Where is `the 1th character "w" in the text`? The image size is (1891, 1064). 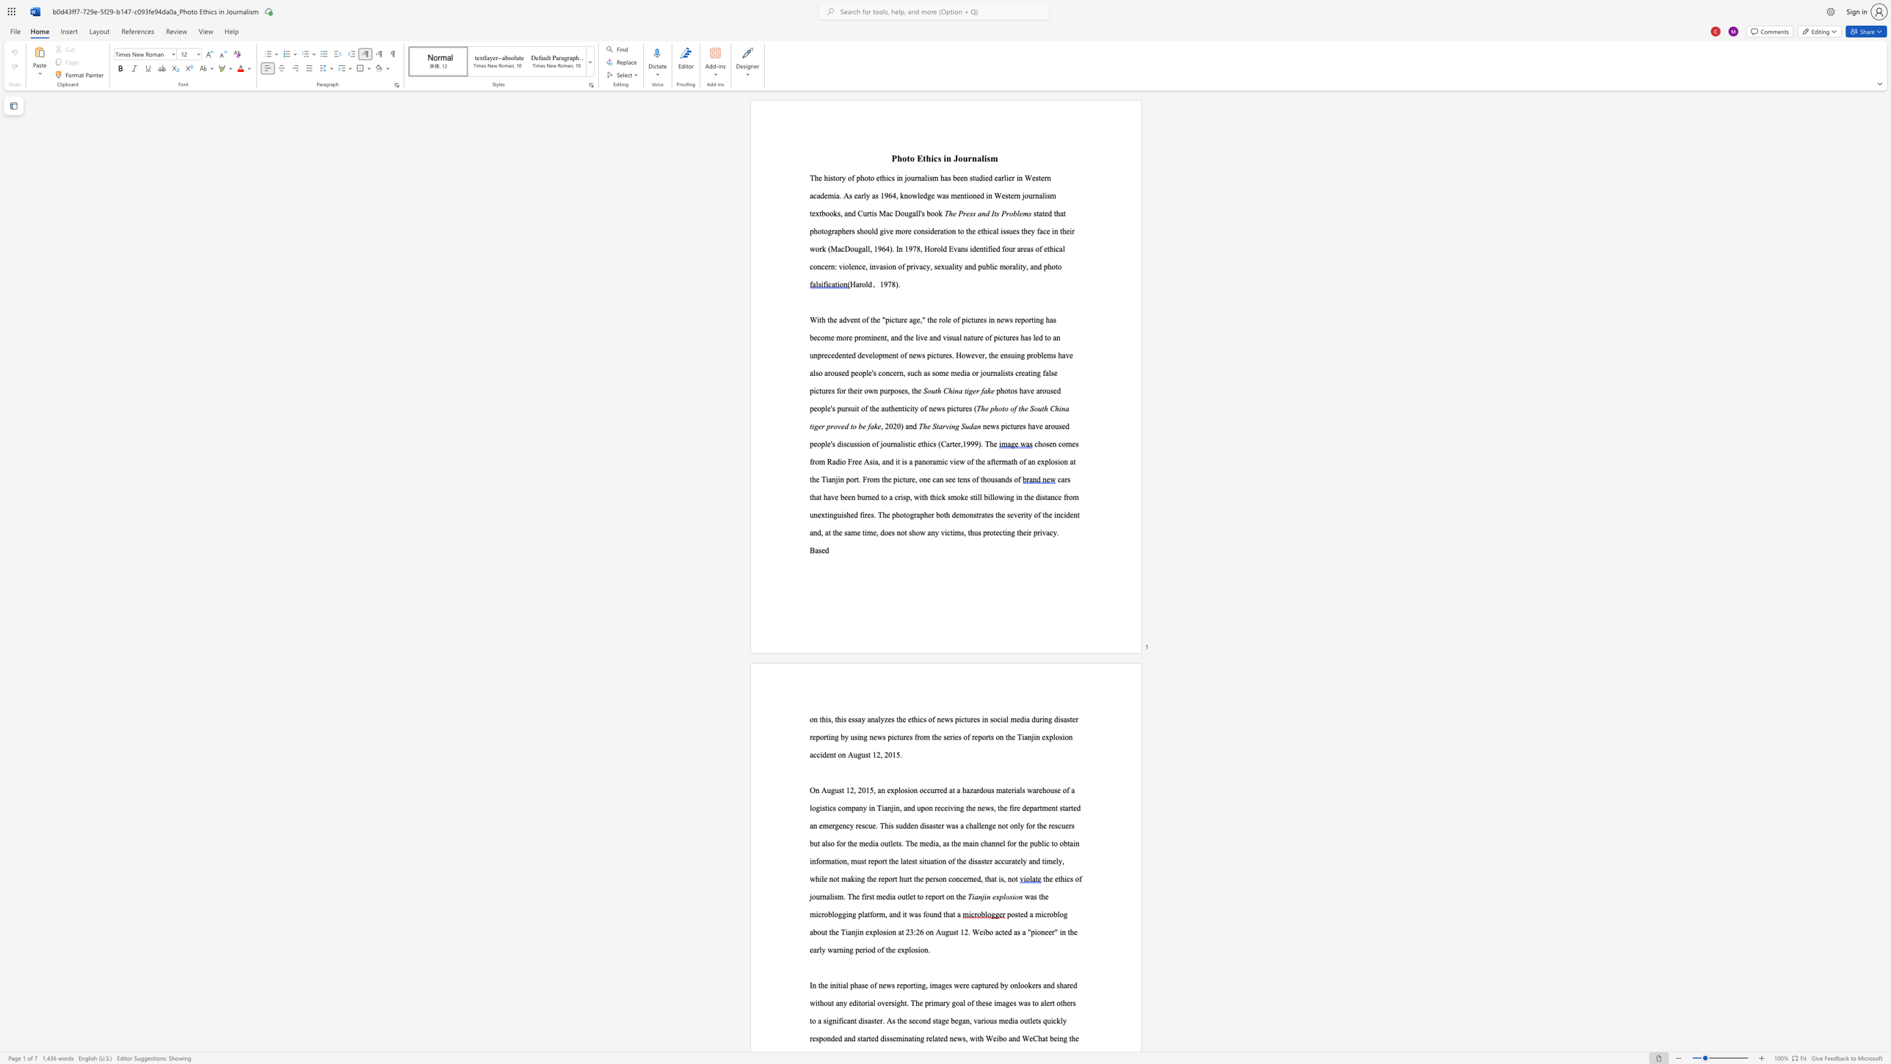 the 1th character "w" in the text is located at coordinates (813, 247).